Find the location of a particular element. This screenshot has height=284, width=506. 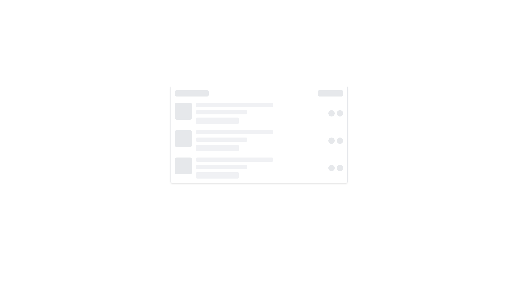

Placeholder Content element, which consists of three horizontally aligned bars with rounded edges, styled in light gray, located centrally between a square icon and two circular icons is located at coordinates (260, 113).